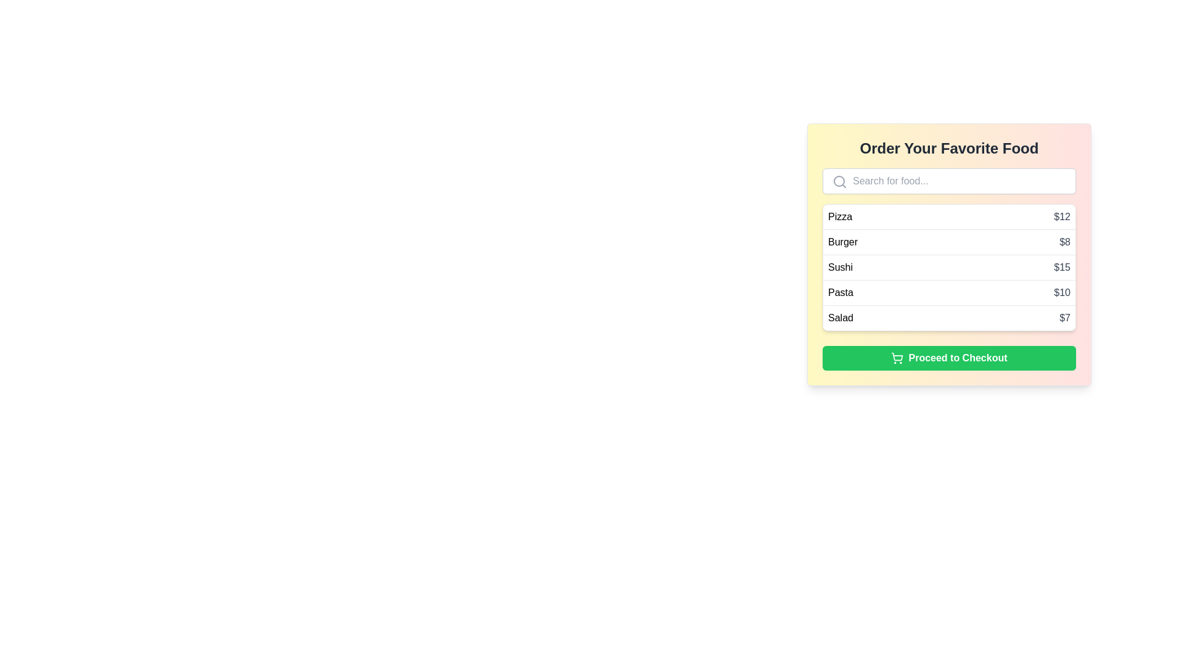 The height and width of the screenshot is (666, 1184). What do you see at coordinates (948, 266) in the screenshot?
I see `the third row of the food menu option labeled 'Sushi'` at bounding box center [948, 266].